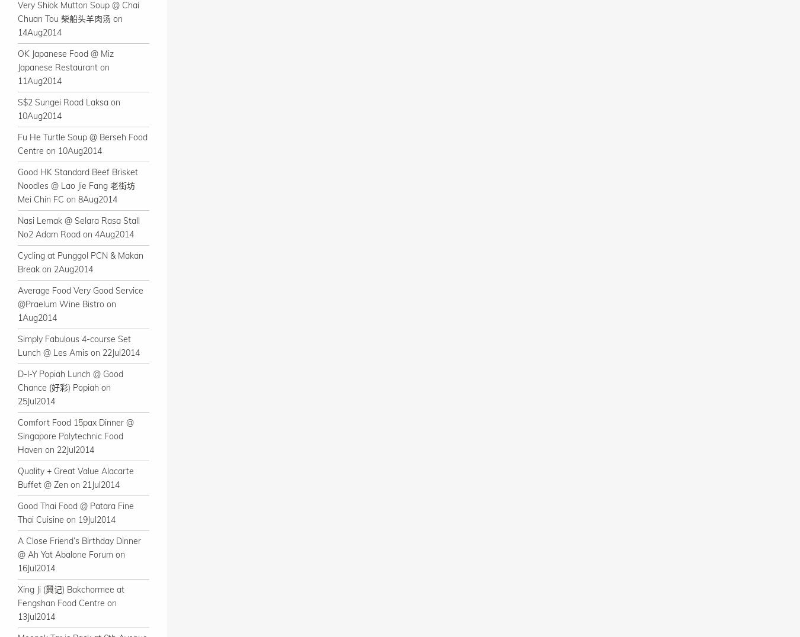 The width and height of the screenshot is (800, 637). I want to click on 'Xing Ji (興记) Bakchormee at Fengshan Food Centre on 13Jul2014', so click(17, 602).